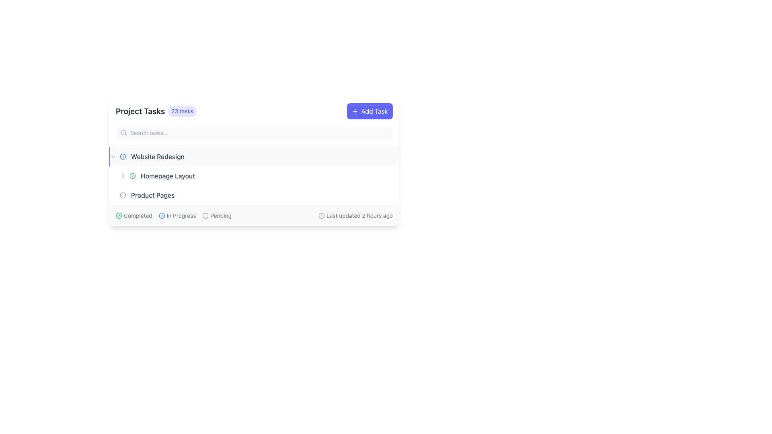 Image resolution: width=772 pixels, height=434 pixels. I want to click on the circular graphical component of the clock icon located on the left side of the task titled 'Website Redesign', so click(123, 156).